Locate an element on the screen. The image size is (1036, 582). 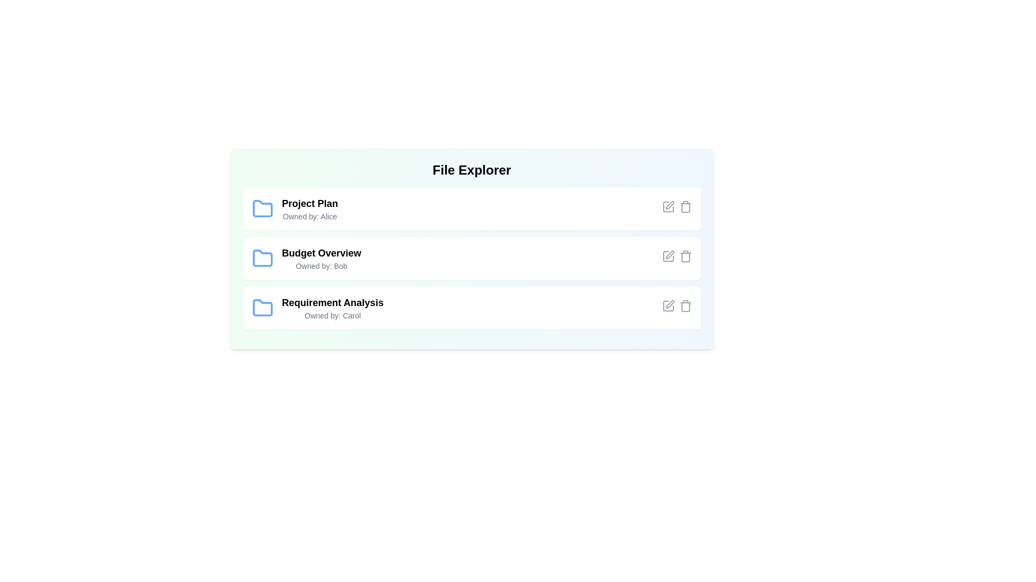
the folder icon corresponding to Requirement Analysis is located at coordinates (262, 308).